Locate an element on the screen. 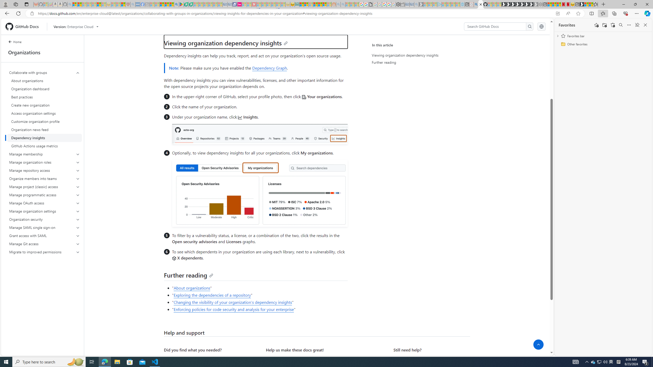 Image resolution: width=653 pixels, height=367 pixels. 'Best practices' is located at coordinates (44, 97).